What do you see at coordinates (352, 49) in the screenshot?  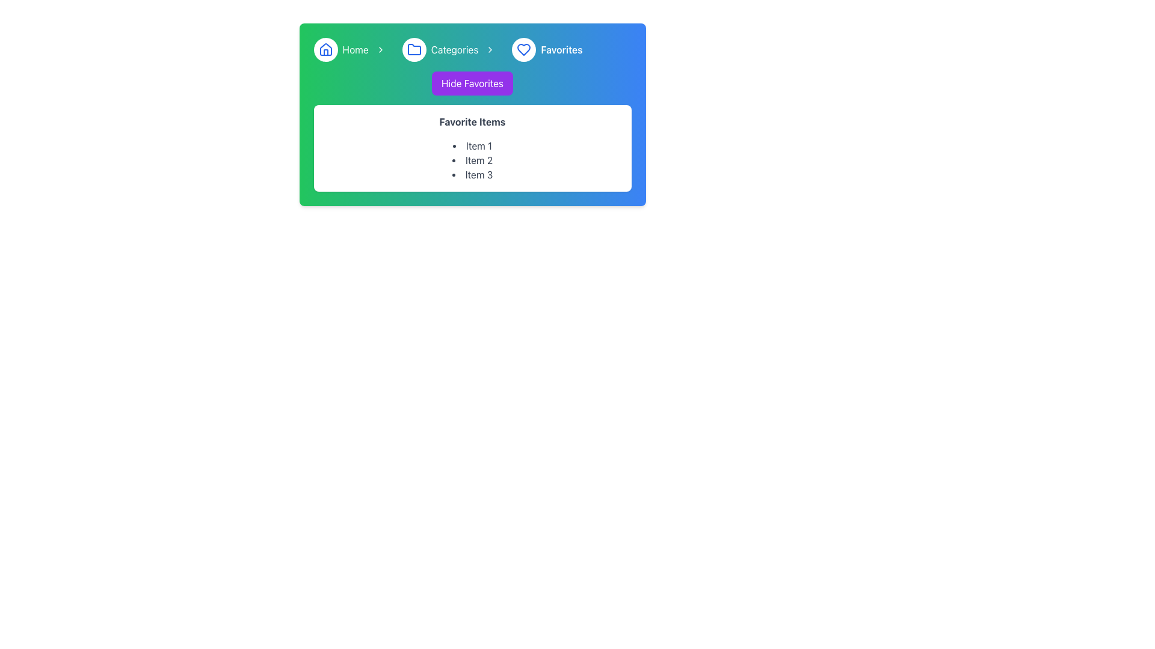 I see `the Navigation link located at the far-left of the top navigation bar to return to the home page or dashboard` at bounding box center [352, 49].